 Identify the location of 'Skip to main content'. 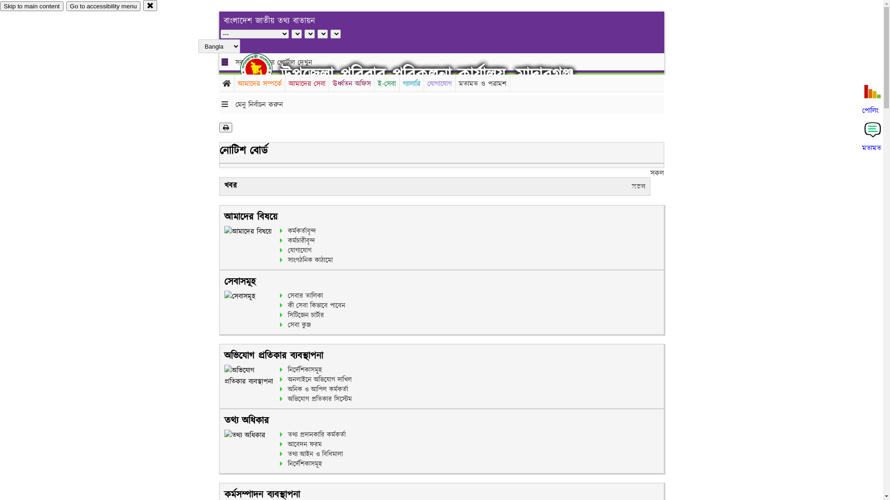
(32, 6).